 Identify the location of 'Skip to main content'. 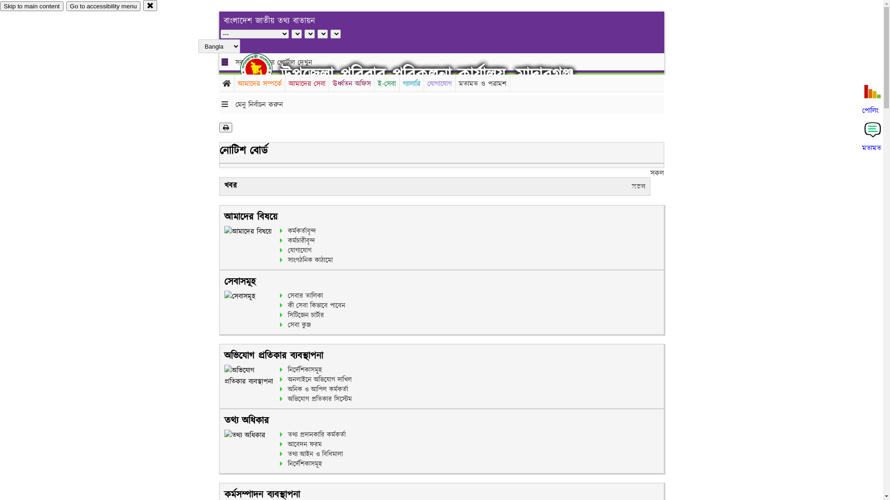
(32, 6).